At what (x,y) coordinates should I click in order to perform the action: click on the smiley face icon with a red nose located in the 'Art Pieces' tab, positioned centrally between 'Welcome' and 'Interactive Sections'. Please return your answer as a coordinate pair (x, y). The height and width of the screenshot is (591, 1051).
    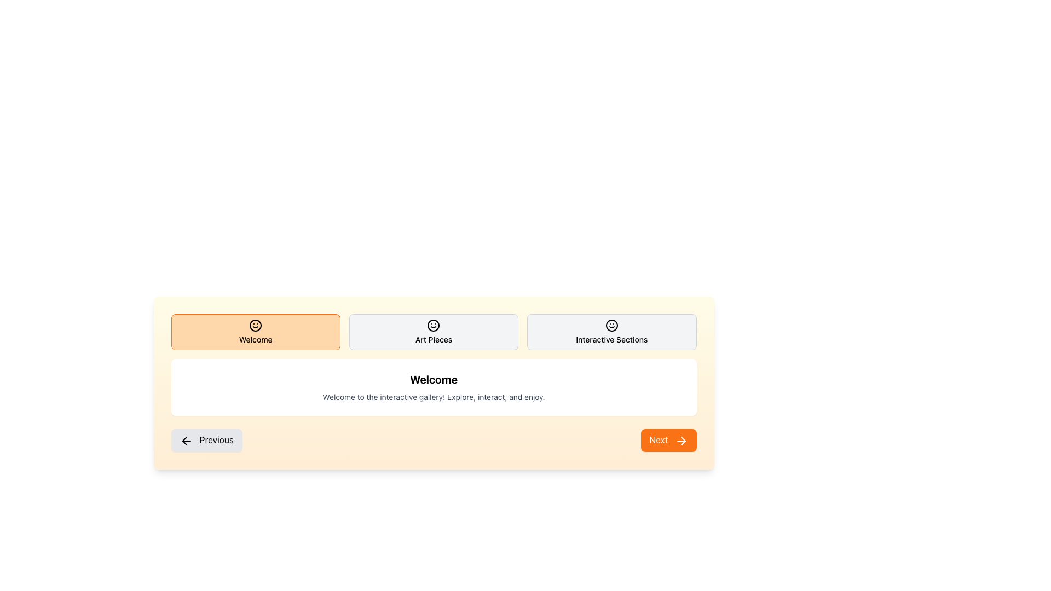
    Looking at the image, I should click on (433, 325).